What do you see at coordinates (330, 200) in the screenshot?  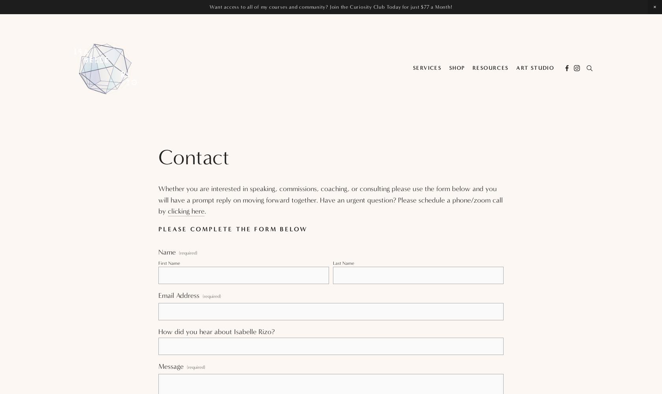 I see `'Whether you are interested in speaking, commissions, coaching, or consulting please use the form below and you will have a prompt reply on moving forward together. Have an urgent question? Please schedule a phone/zoom call by'` at bounding box center [330, 200].